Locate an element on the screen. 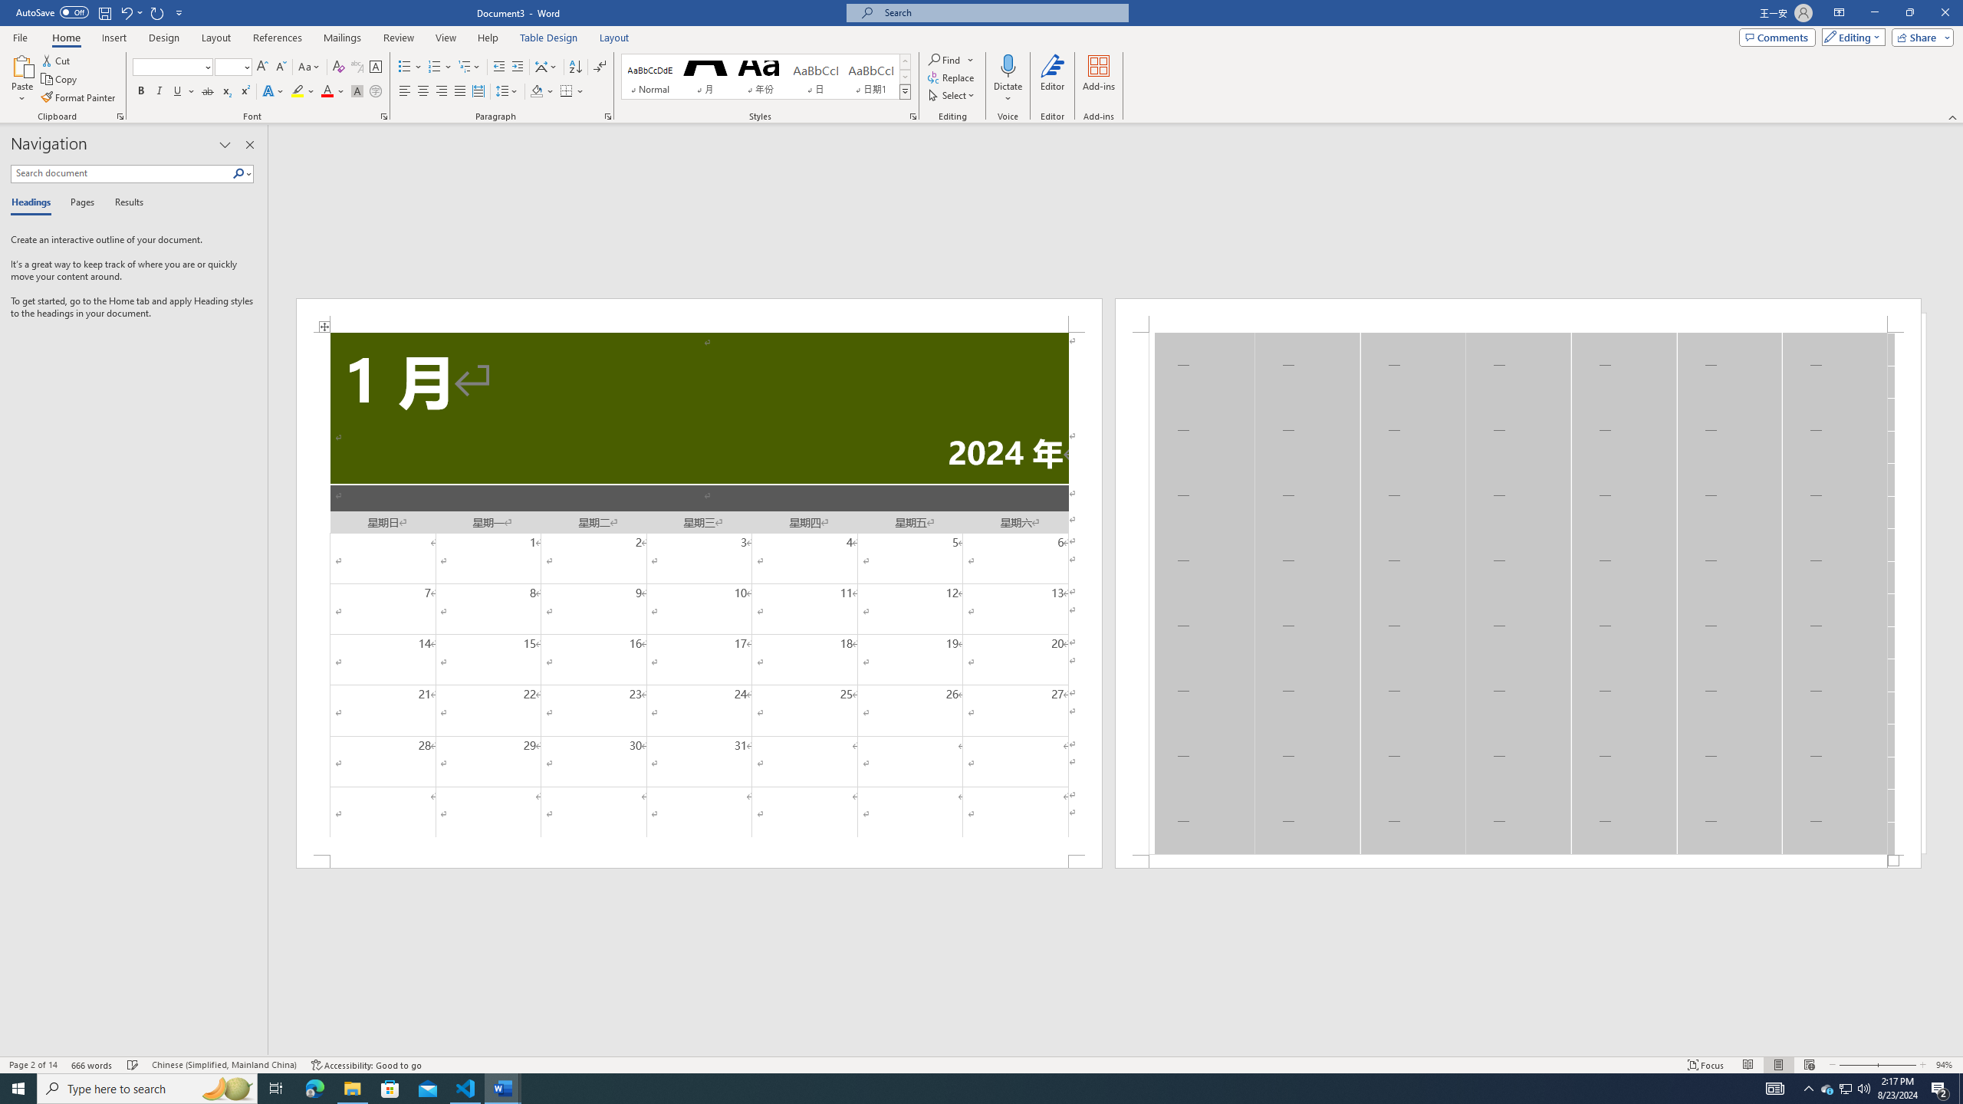 This screenshot has width=1963, height=1104. 'Justify' is located at coordinates (459, 90).